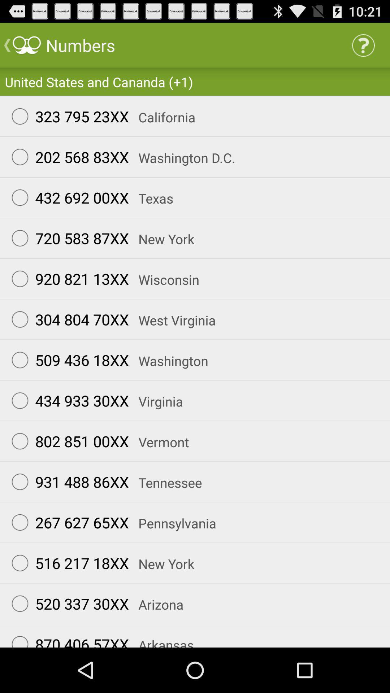 The height and width of the screenshot is (693, 390). What do you see at coordinates (67, 522) in the screenshot?
I see `the app next to the pennsylvania` at bounding box center [67, 522].